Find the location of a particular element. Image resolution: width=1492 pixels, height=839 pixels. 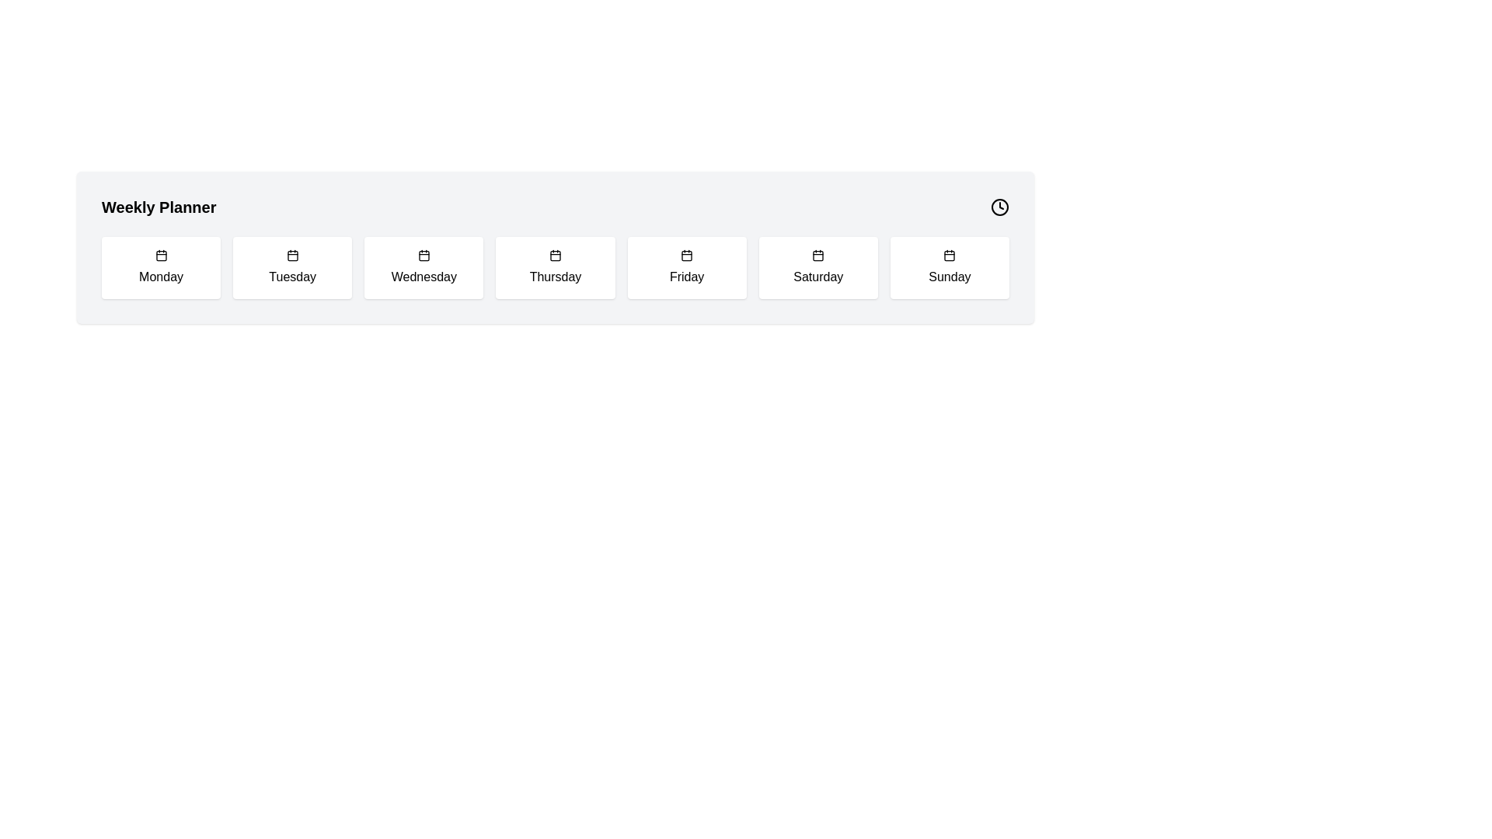

the 'Tuesday' button is located at coordinates (292, 266).